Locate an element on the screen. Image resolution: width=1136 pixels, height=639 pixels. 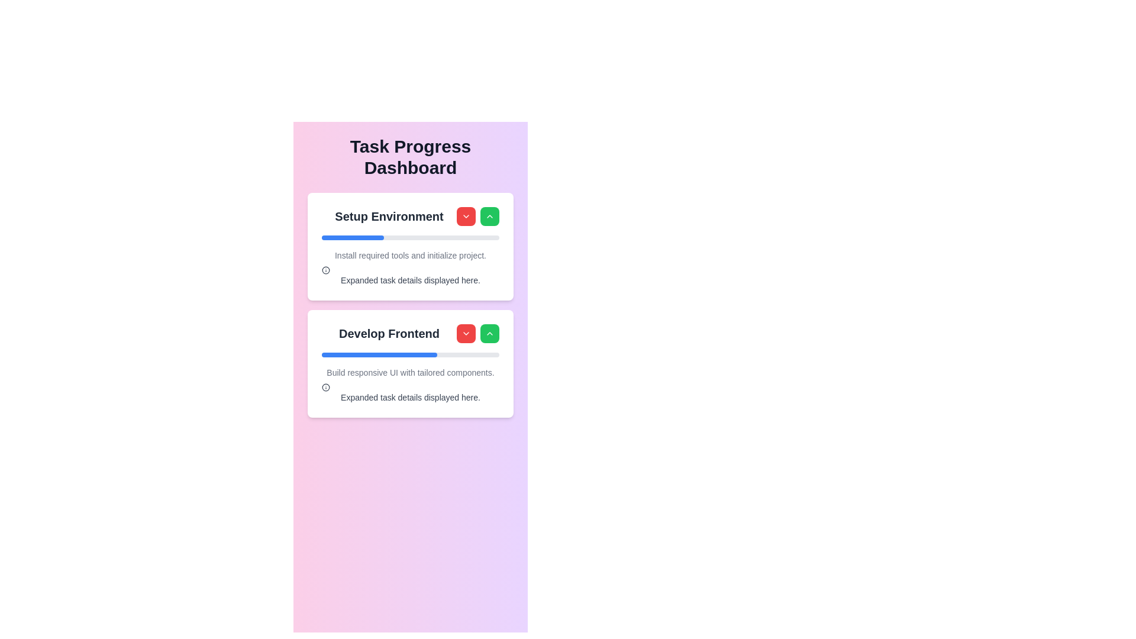
the downward pointing chevron arrow icon with a red background located at the top-right corner of the 'Develop Frontend' card is located at coordinates (465, 217).